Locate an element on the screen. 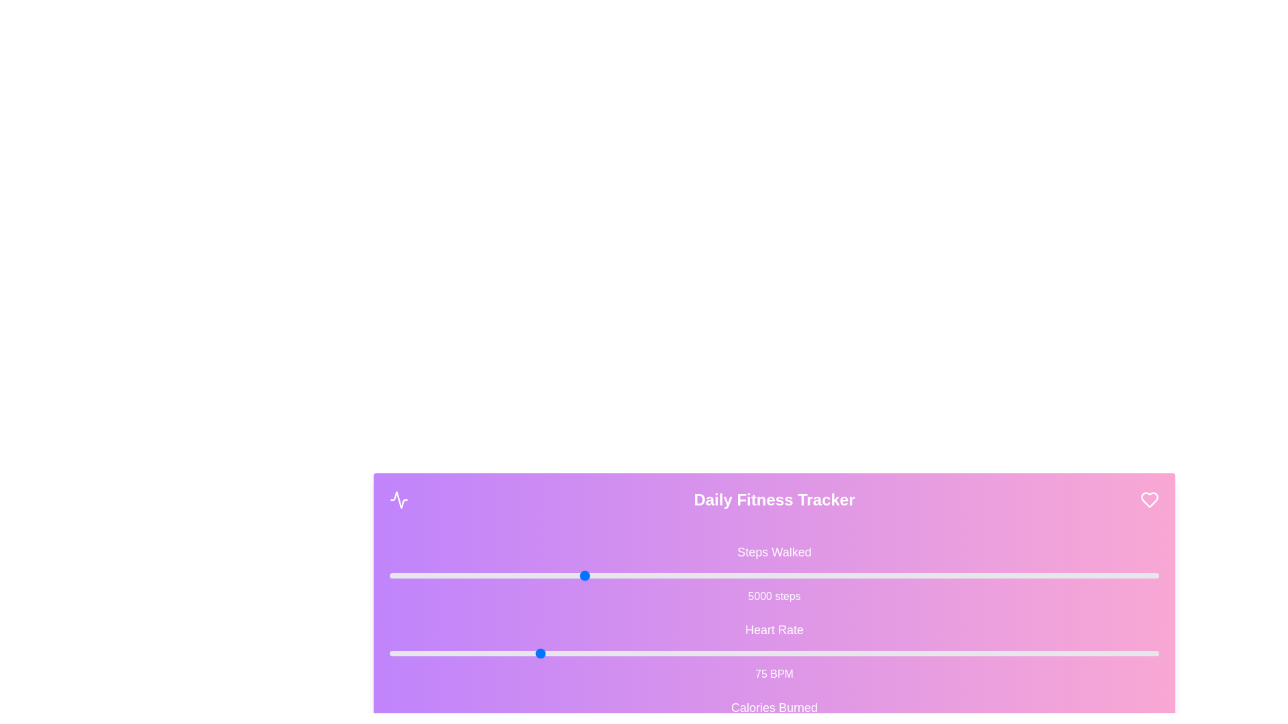 This screenshot has height=724, width=1288. the 'Steps Walked' slider to set its value to 10522 is located at coordinates (794, 575).